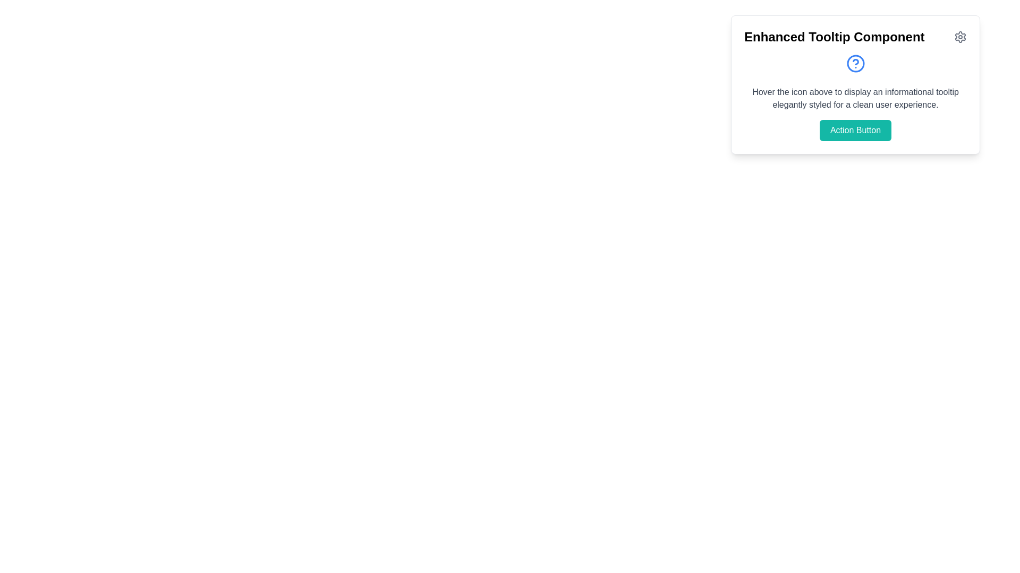  What do you see at coordinates (960, 36) in the screenshot?
I see `the Settings icon located at the top right corner of the Enhanced Tooltip Component card, which serves as a trigger for opening a dropdown menu or navigating to a configuration page` at bounding box center [960, 36].